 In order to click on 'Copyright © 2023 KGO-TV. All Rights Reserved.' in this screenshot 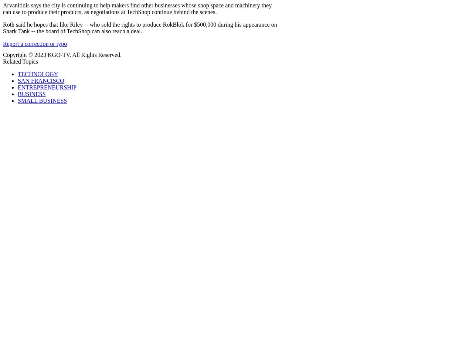, I will do `click(62, 55)`.